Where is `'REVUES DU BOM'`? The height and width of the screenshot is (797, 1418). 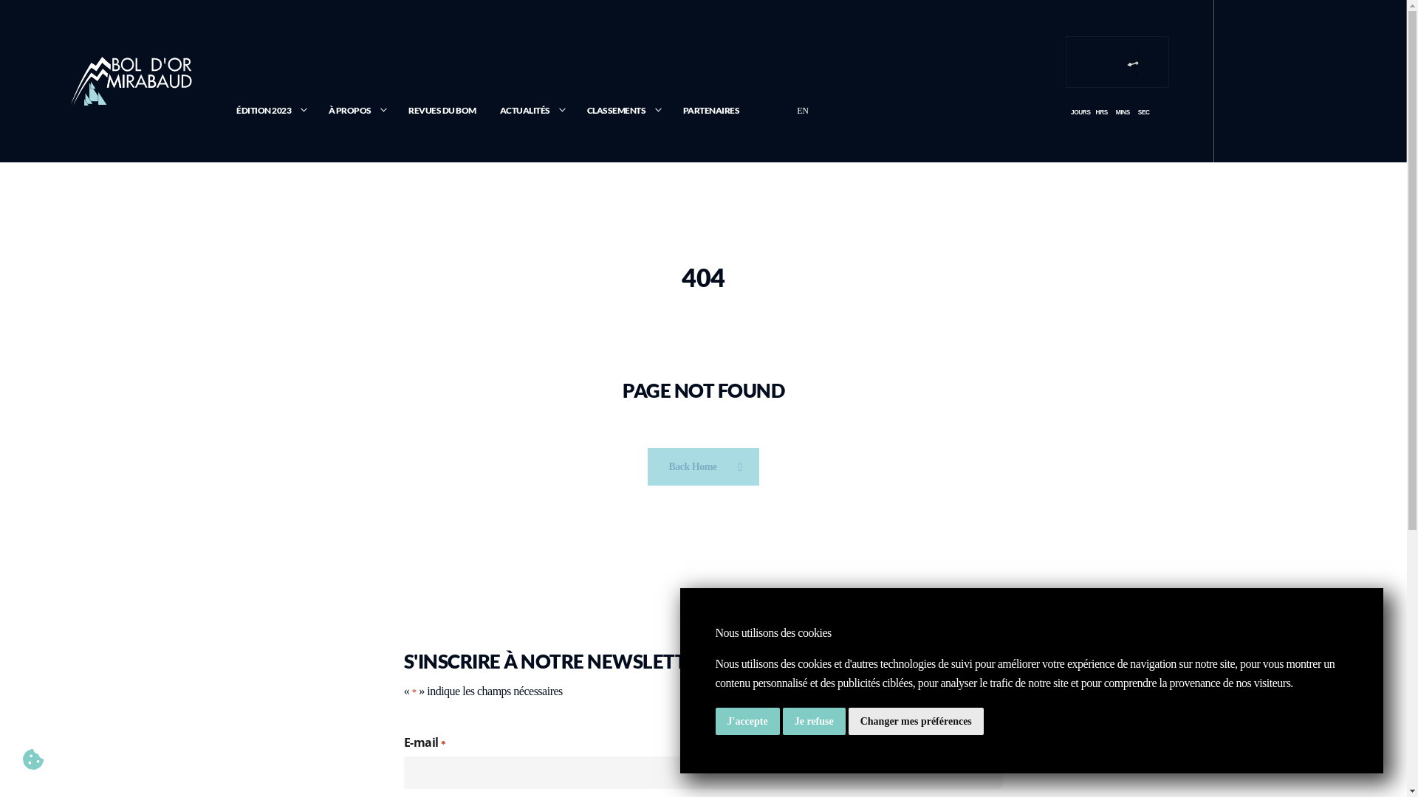 'REVUES DU BOM' is located at coordinates (442, 110).